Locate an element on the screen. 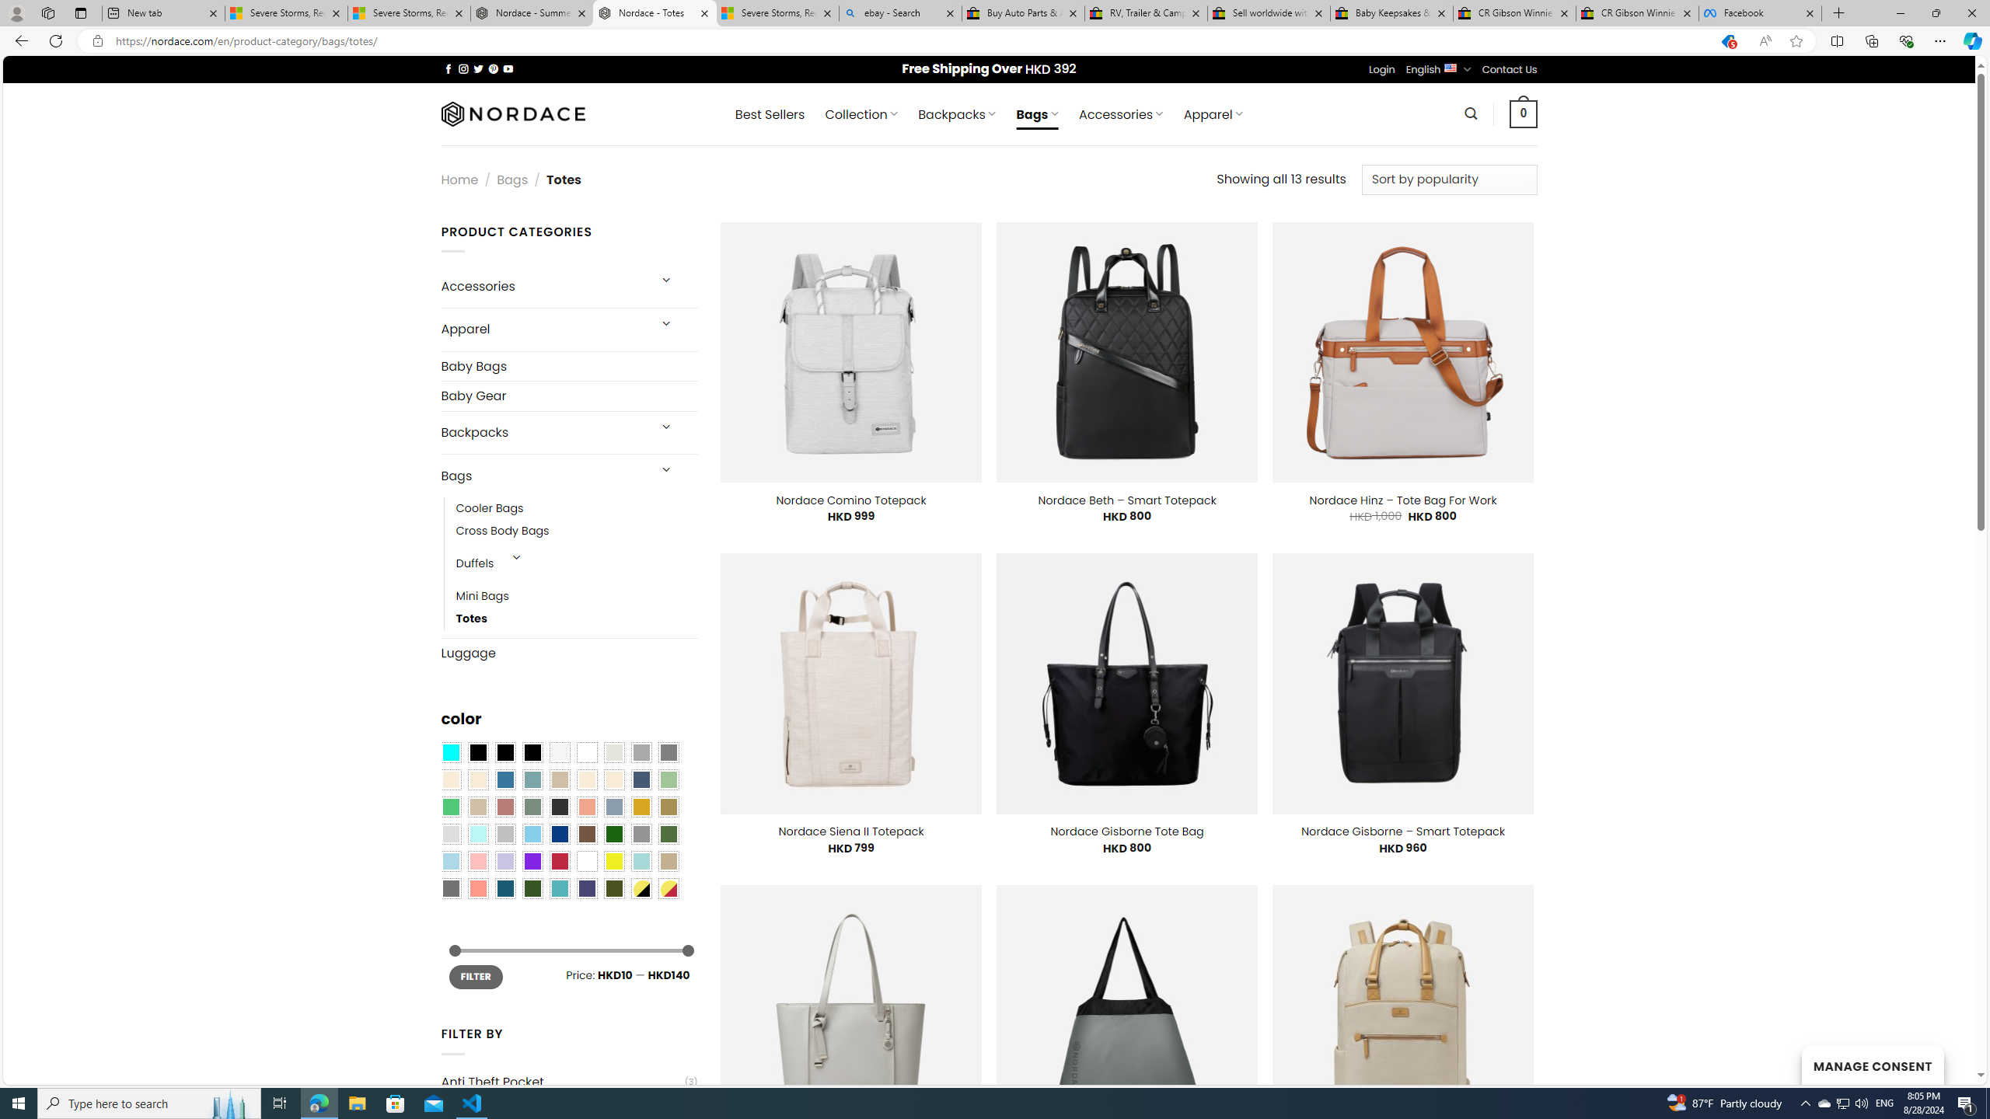 The height and width of the screenshot is (1119, 1990). '  0  ' is located at coordinates (1524, 113).